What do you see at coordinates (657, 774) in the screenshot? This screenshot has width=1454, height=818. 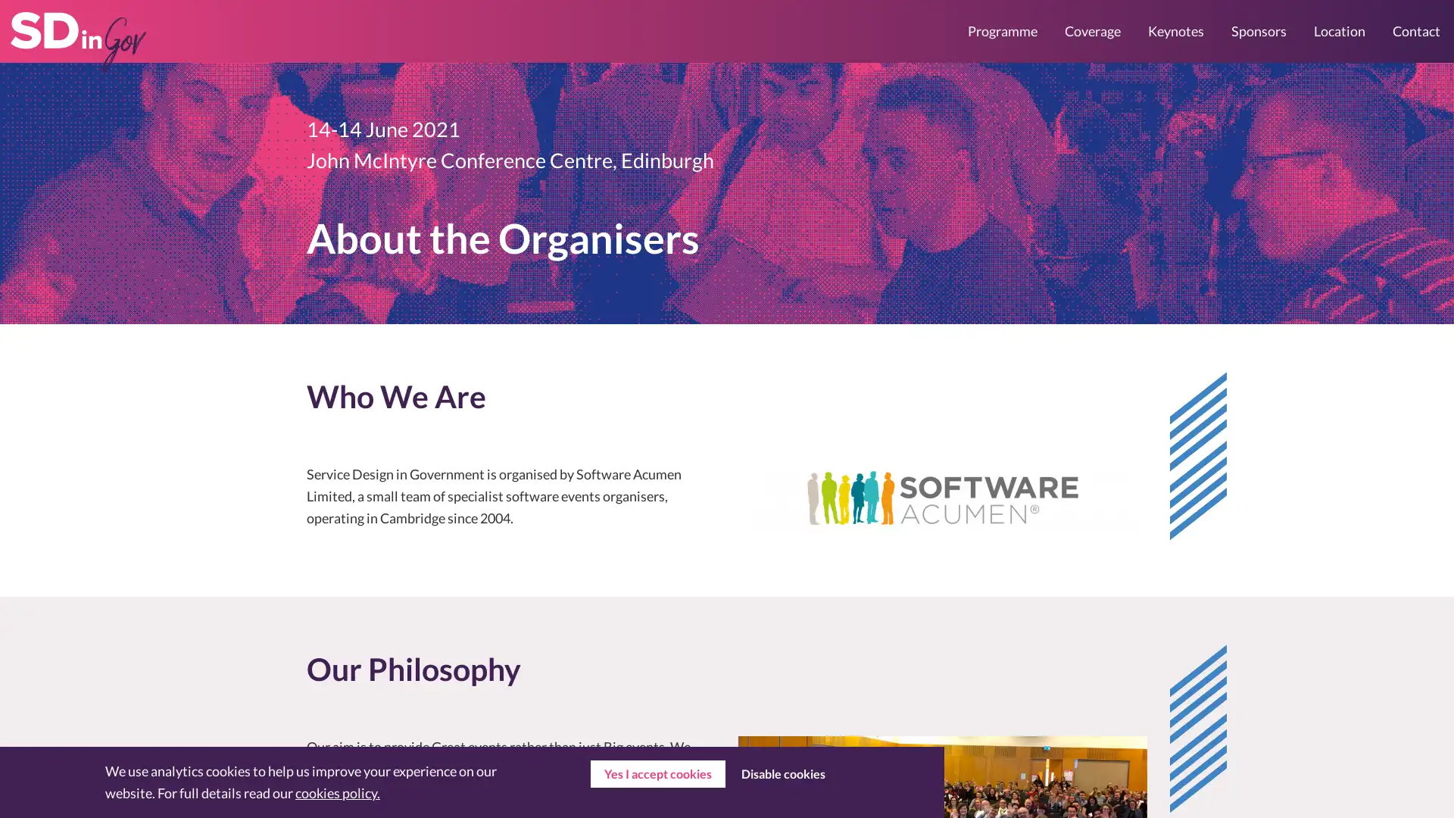 I see `Yes I accept cookies` at bounding box center [657, 774].